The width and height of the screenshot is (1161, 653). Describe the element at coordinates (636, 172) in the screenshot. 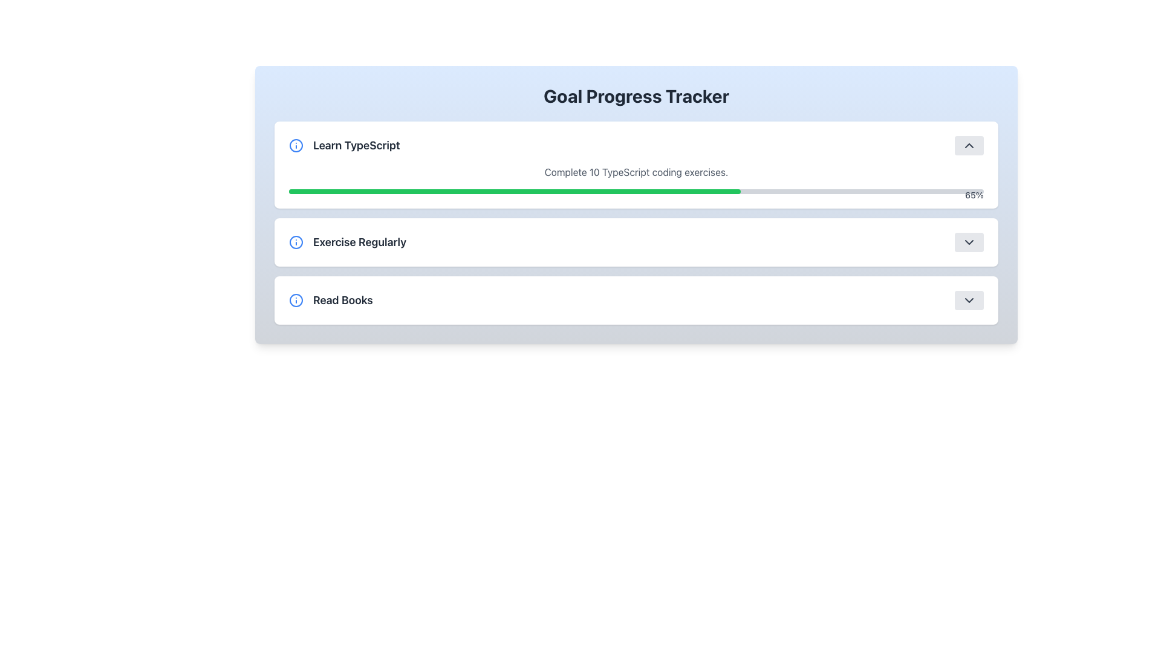

I see `the static text element displaying descriptive information about the 'Learn TypeScript' task in the progress tracker interface` at that location.